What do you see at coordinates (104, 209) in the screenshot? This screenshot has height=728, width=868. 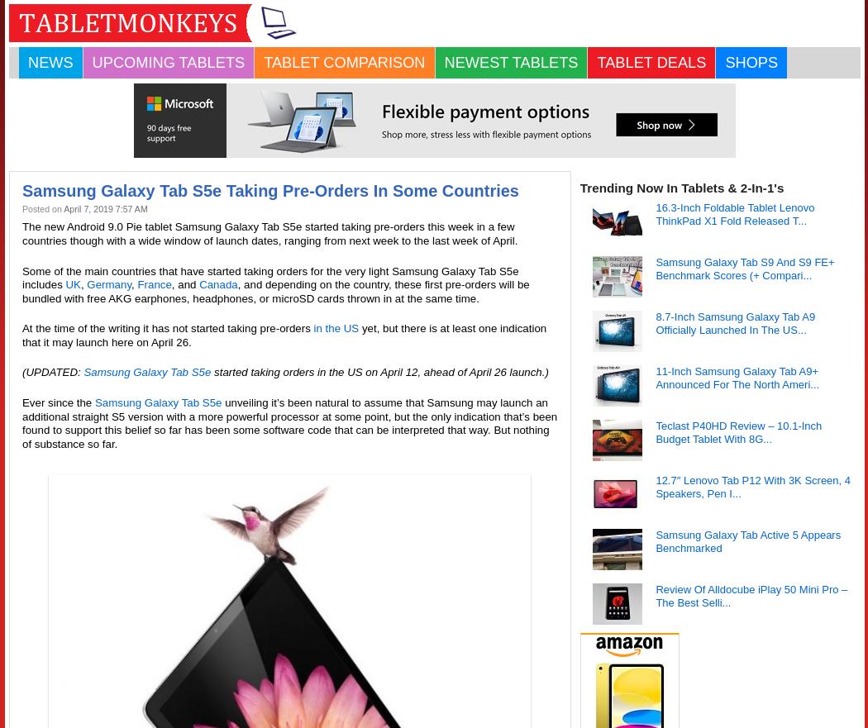 I see `'April 7, 2019 7:57 AM'` at bounding box center [104, 209].